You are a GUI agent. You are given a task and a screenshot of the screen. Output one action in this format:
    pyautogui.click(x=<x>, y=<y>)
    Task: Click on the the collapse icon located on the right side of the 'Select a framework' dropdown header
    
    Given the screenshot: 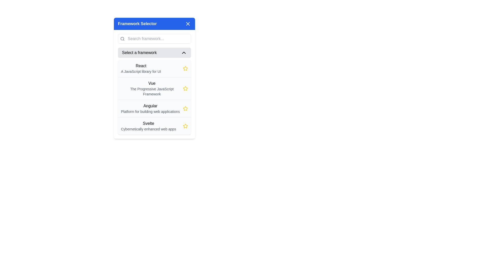 What is the action you would take?
    pyautogui.click(x=183, y=53)
    